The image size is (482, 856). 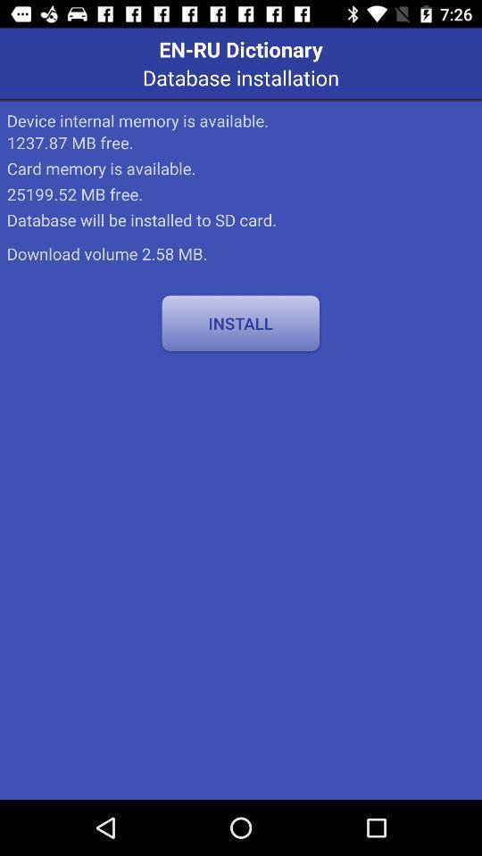 What do you see at coordinates (240, 322) in the screenshot?
I see `install icon` at bounding box center [240, 322].